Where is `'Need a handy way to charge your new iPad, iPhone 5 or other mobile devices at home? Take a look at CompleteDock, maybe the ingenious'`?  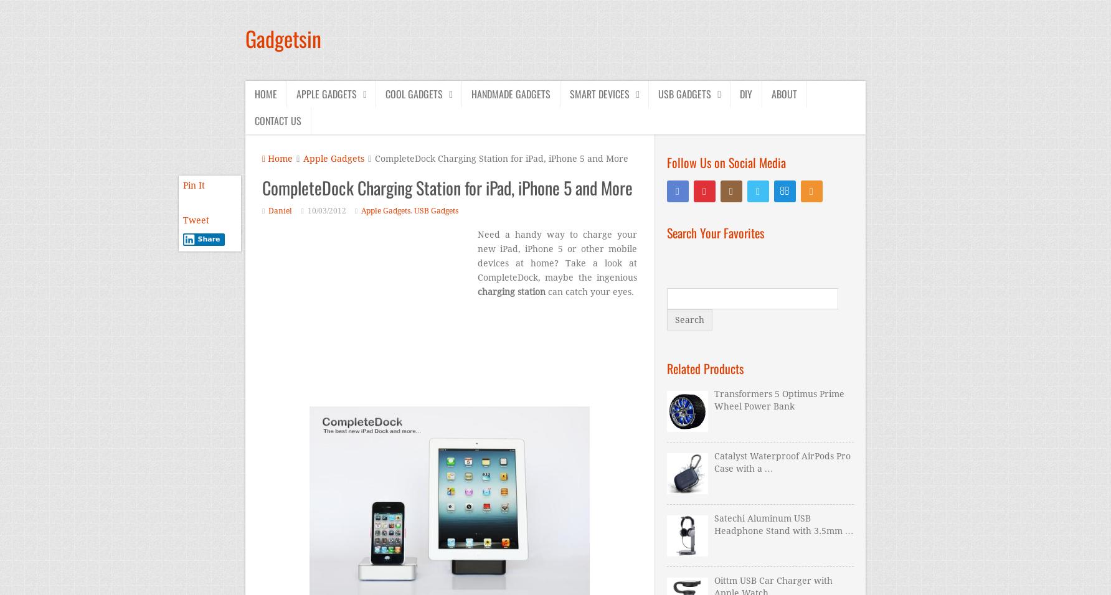 'Need a handy way to charge your new iPad, iPhone 5 or other mobile devices at home? Take a look at CompleteDock, maybe the ingenious' is located at coordinates (557, 255).